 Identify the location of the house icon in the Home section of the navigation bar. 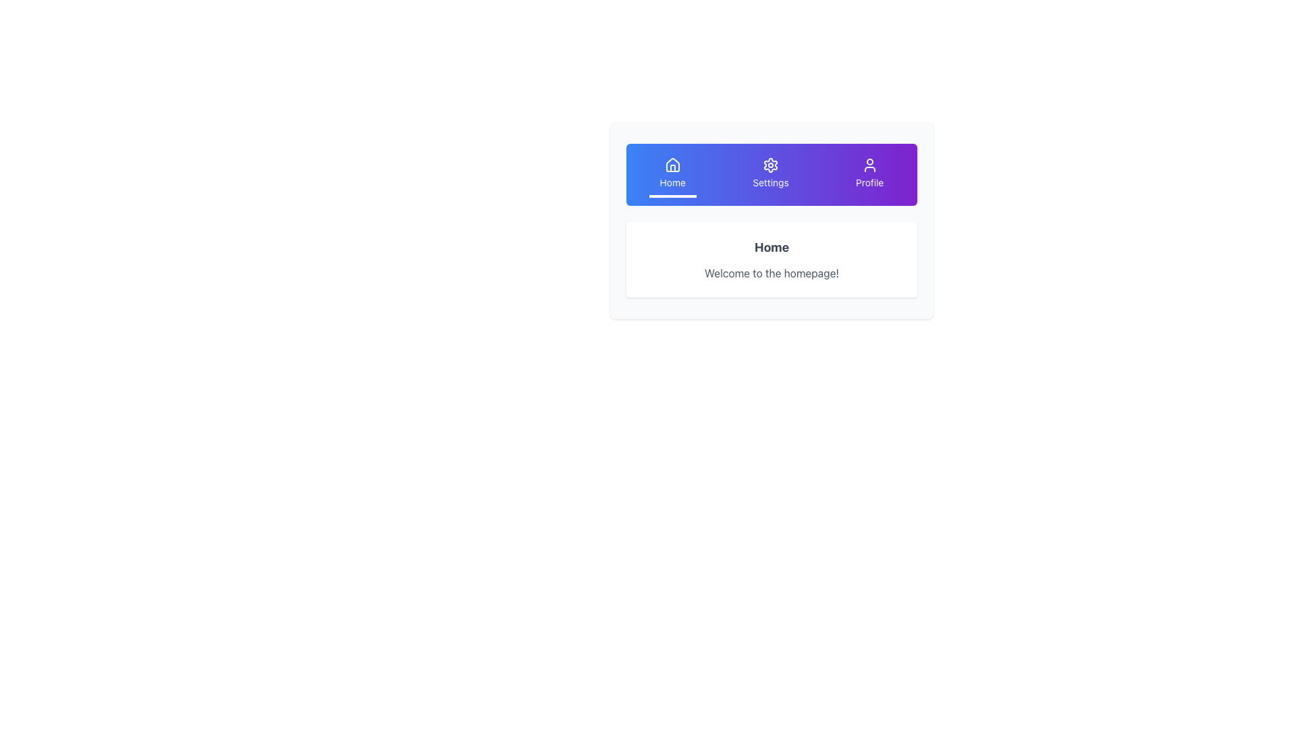
(672, 165).